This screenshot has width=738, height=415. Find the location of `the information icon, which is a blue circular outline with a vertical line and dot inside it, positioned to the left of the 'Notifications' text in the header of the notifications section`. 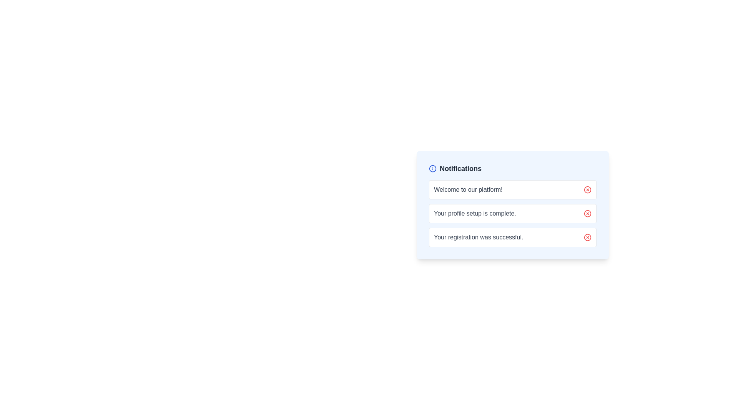

the information icon, which is a blue circular outline with a vertical line and dot inside it, positioned to the left of the 'Notifications' text in the header of the notifications section is located at coordinates (433, 168).